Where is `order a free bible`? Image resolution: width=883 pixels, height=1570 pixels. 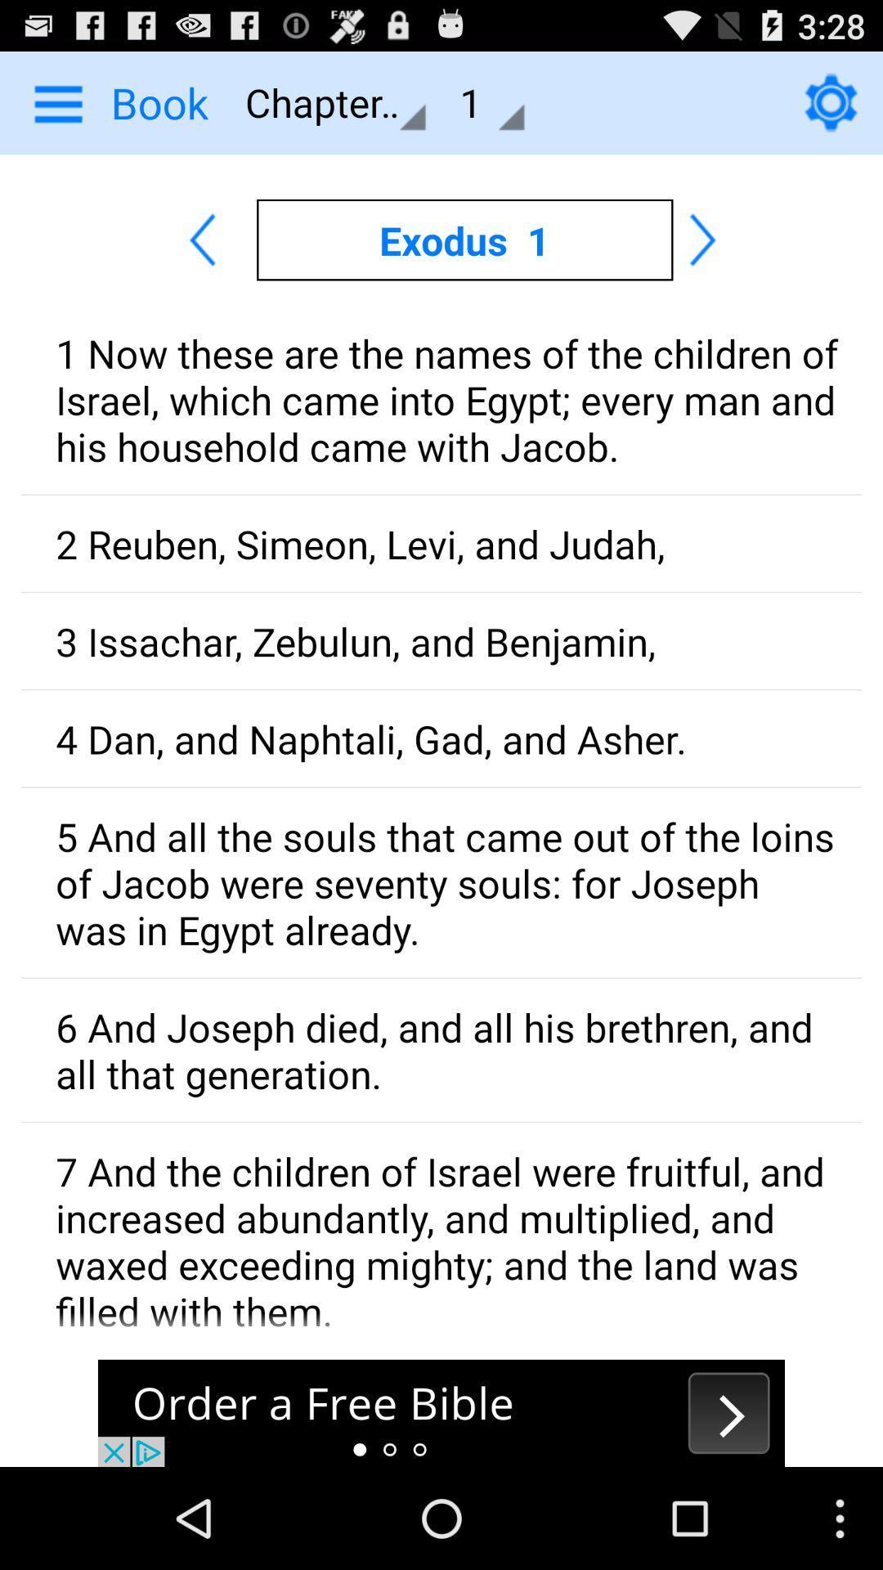
order a free bible is located at coordinates (441, 1412).